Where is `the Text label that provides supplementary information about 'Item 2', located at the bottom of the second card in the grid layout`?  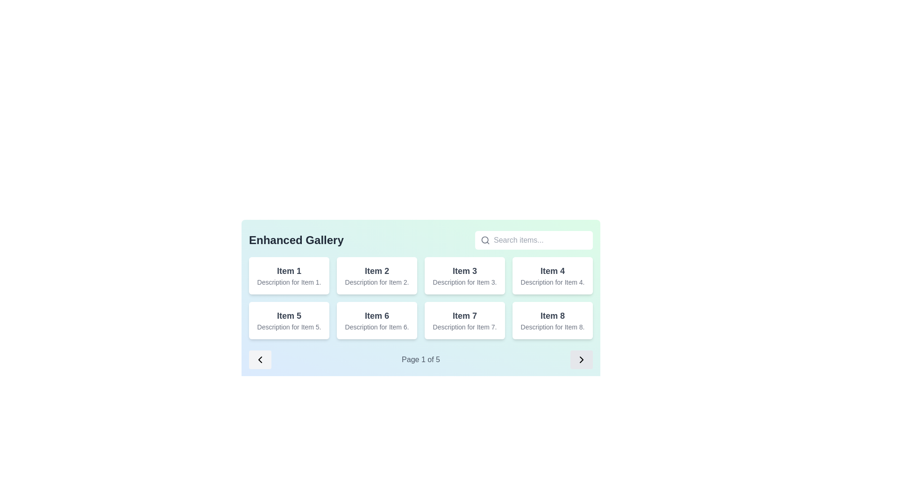 the Text label that provides supplementary information about 'Item 2', located at the bottom of the second card in the grid layout is located at coordinates (377, 282).